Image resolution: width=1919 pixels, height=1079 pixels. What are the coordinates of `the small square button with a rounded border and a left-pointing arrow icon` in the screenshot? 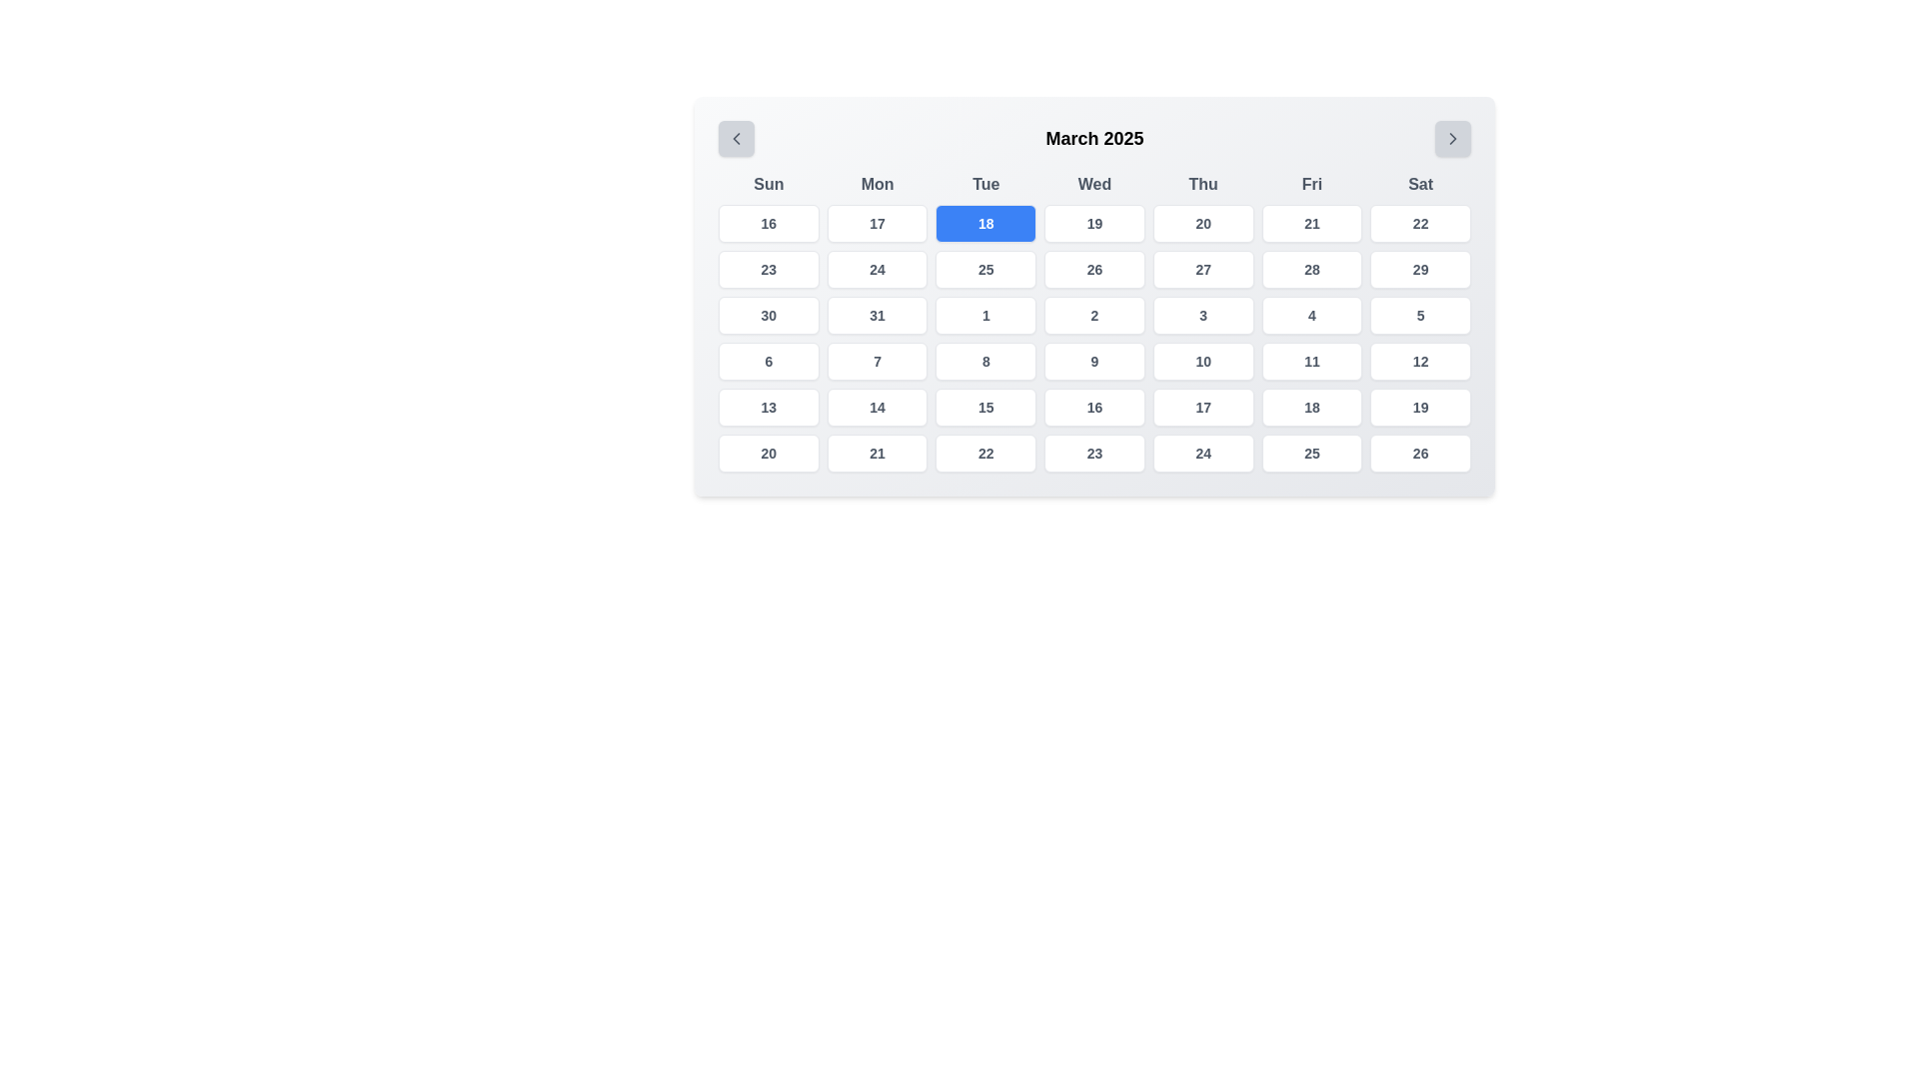 It's located at (736, 137).